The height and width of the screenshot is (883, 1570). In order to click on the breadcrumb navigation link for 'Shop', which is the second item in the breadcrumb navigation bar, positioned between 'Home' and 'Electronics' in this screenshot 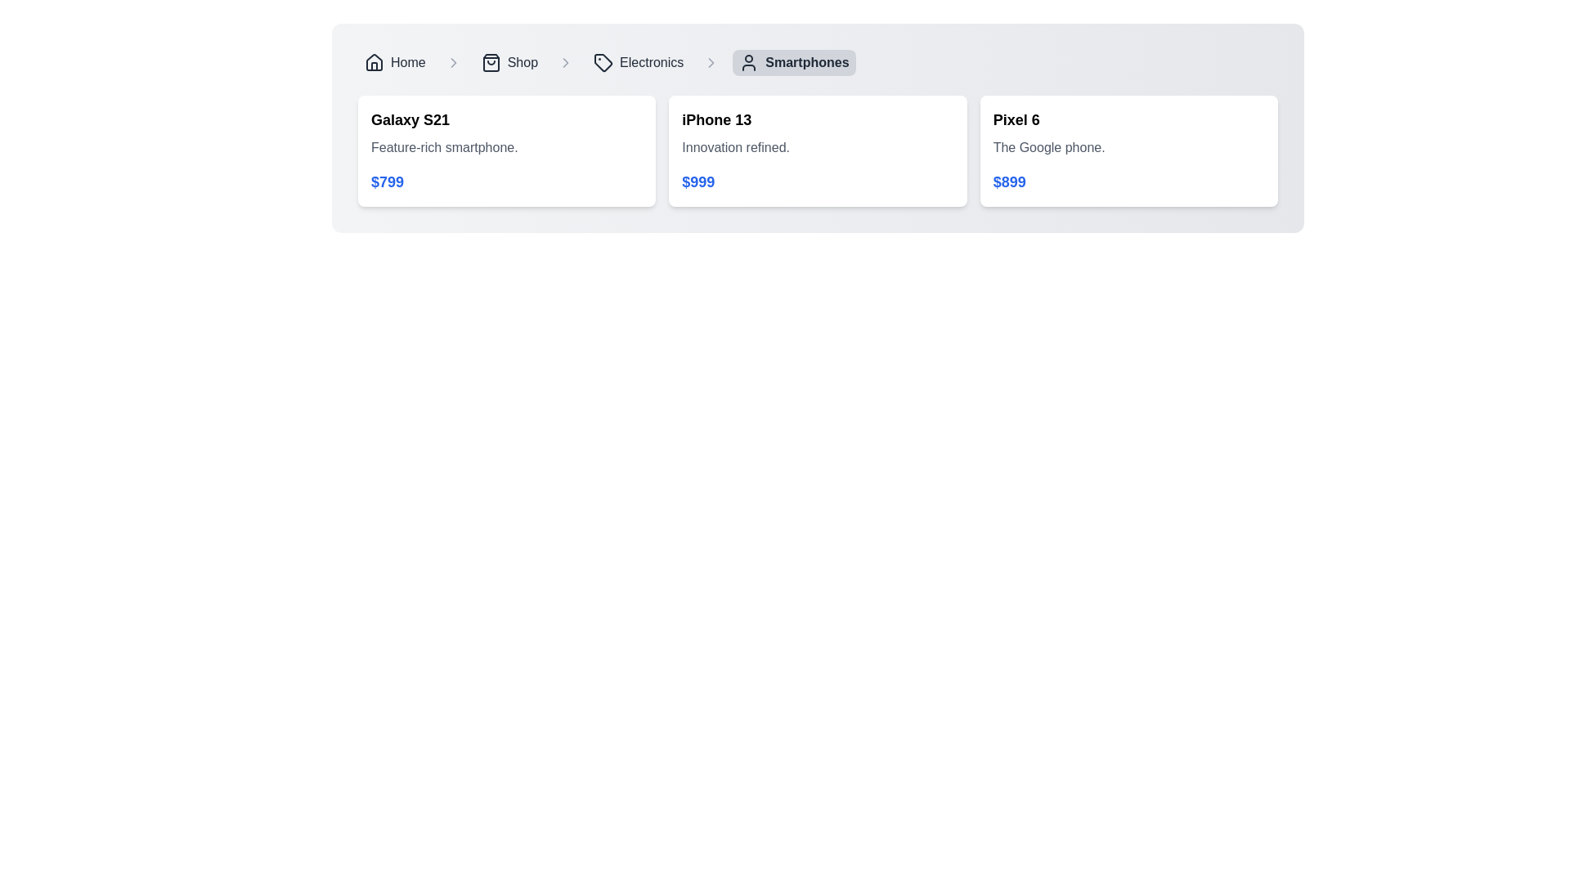, I will do `click(509, 62)`.